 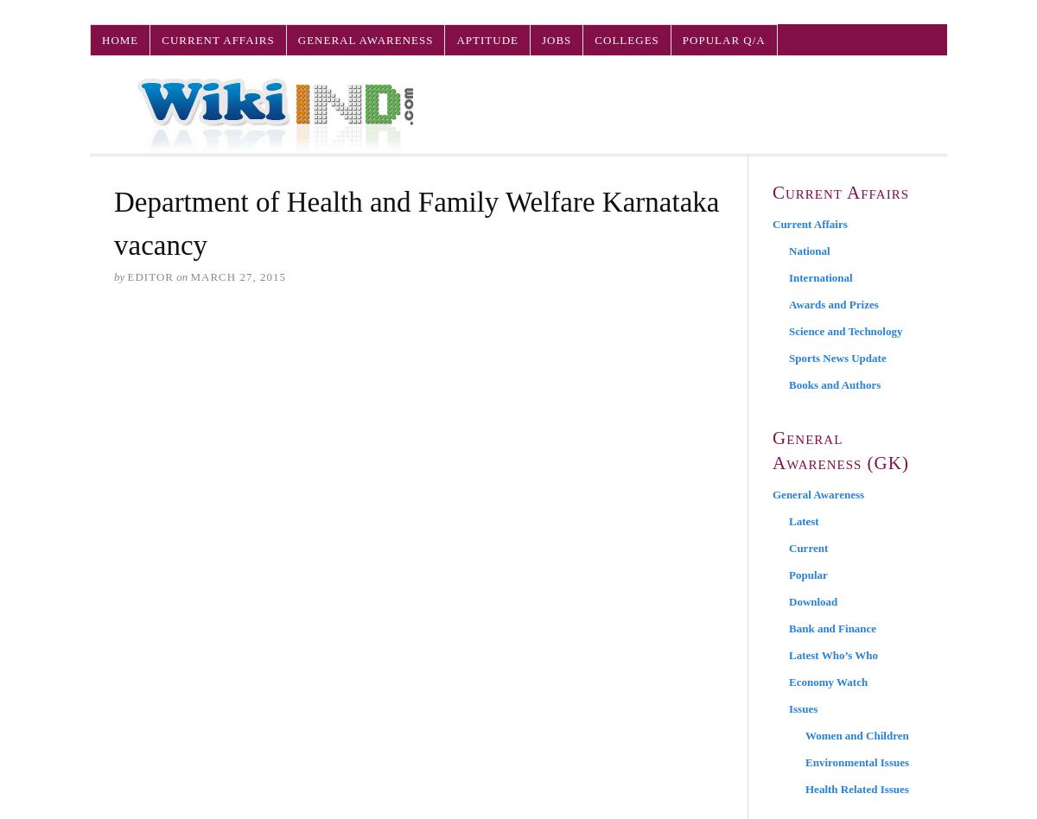 I want to click on 'Download', so click(x=813, y=600).